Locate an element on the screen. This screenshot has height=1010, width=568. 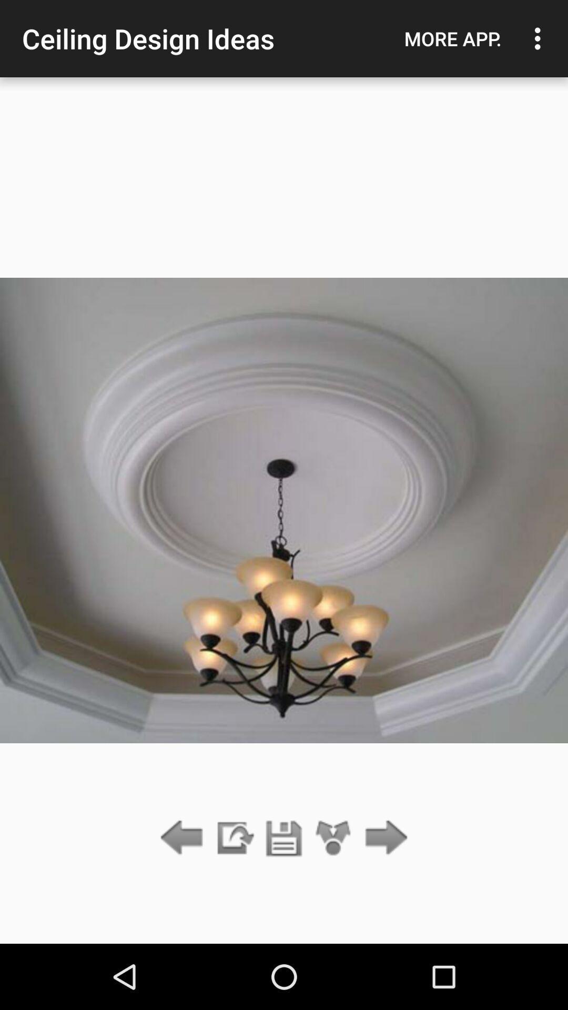
current photo is located at coordinates (284, 838).